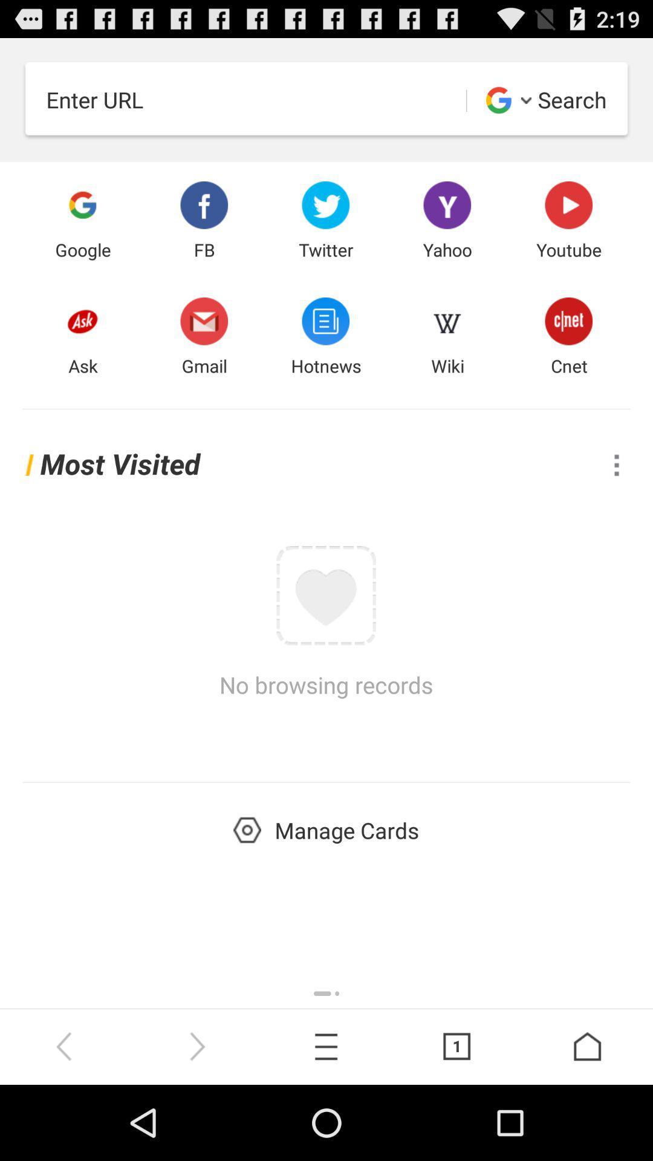  I want to click on the arrow_forward icon, so click(195, 1119).